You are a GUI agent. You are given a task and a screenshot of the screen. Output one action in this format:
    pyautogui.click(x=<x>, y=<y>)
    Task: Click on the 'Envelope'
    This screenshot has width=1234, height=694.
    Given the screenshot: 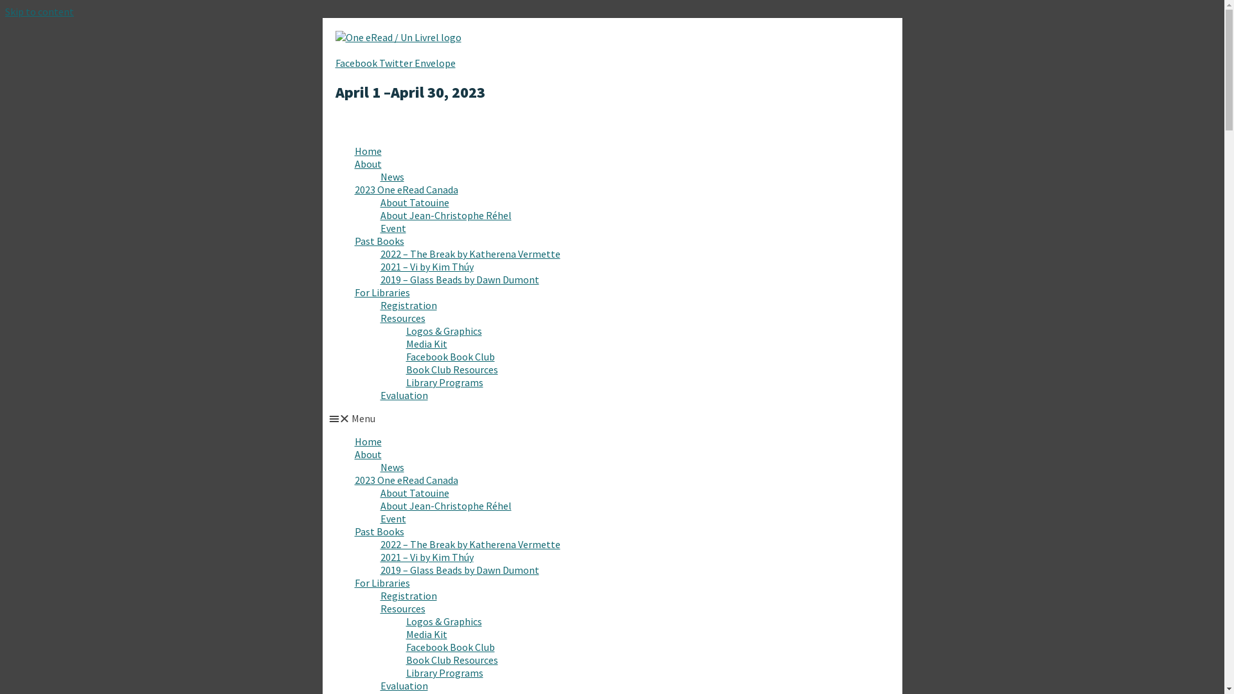 What is the action you would take?
    pyautogui.click(x=413, y=62)
    